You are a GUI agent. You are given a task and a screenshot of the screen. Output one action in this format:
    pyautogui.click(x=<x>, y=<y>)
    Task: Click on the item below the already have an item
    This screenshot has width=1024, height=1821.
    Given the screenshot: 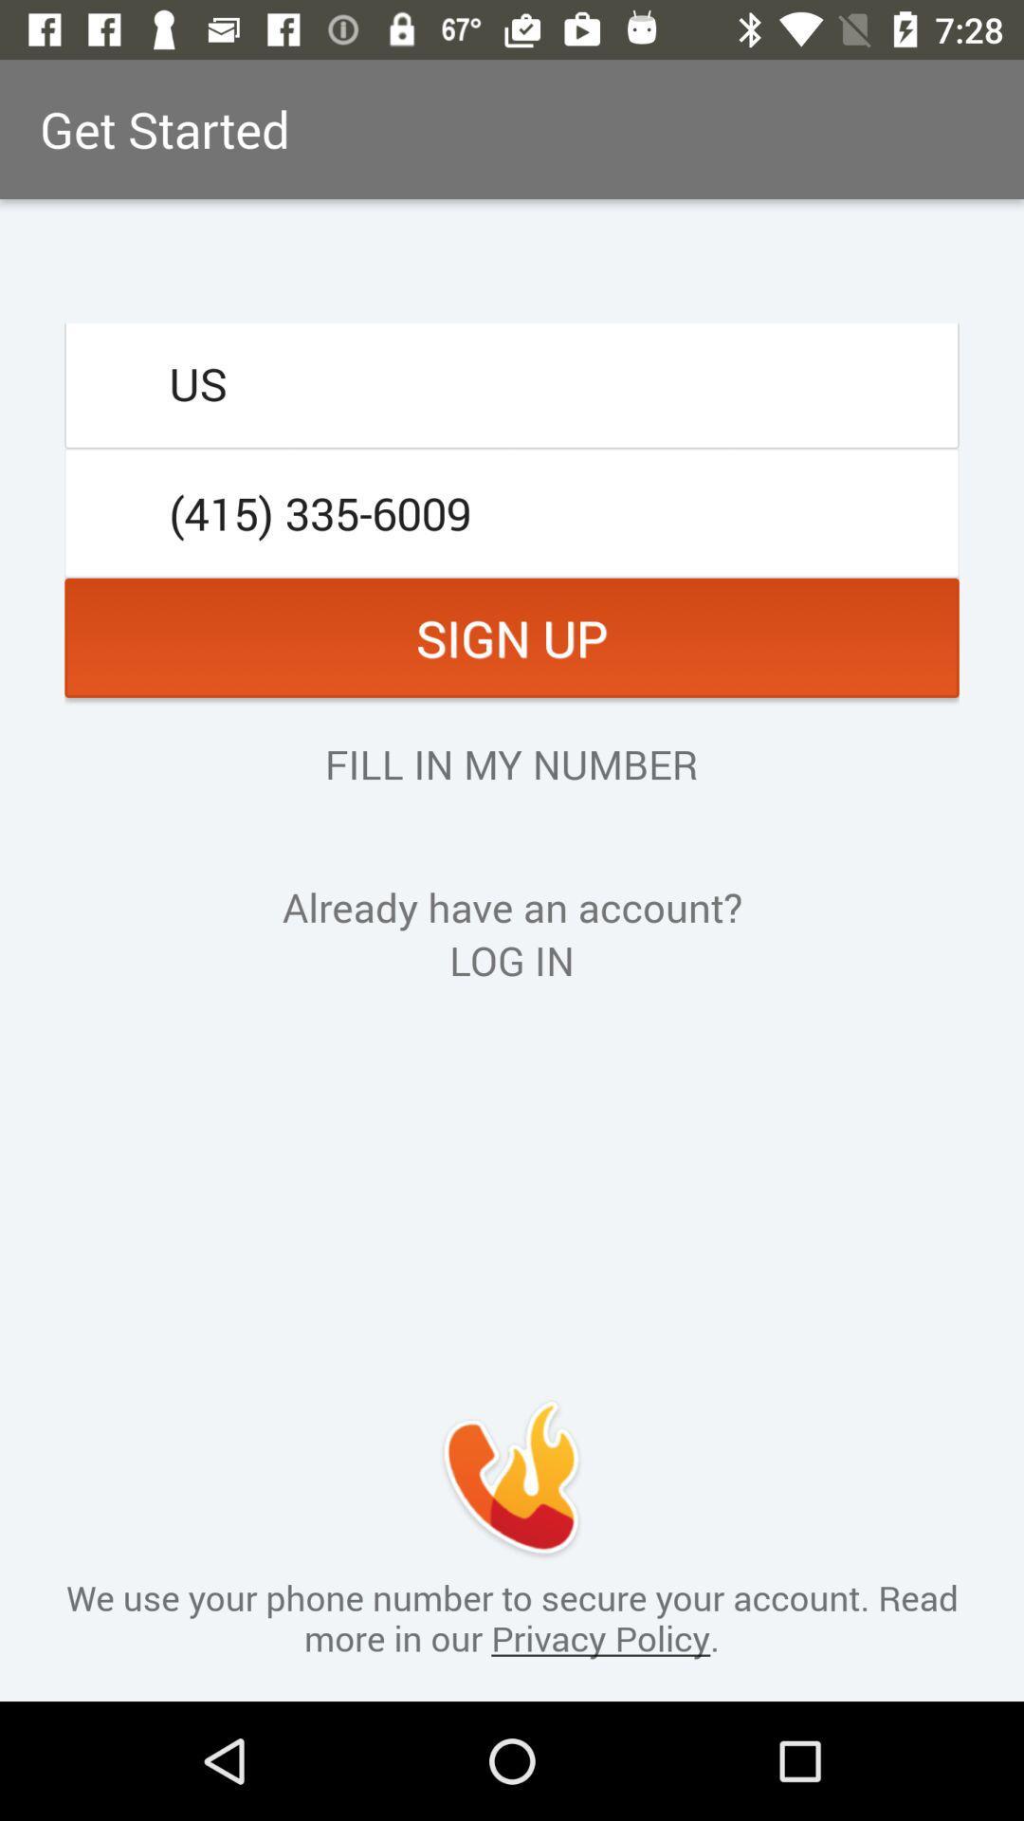 What is the action you would take?
    pyautogui.click(x=512, y=960)
    